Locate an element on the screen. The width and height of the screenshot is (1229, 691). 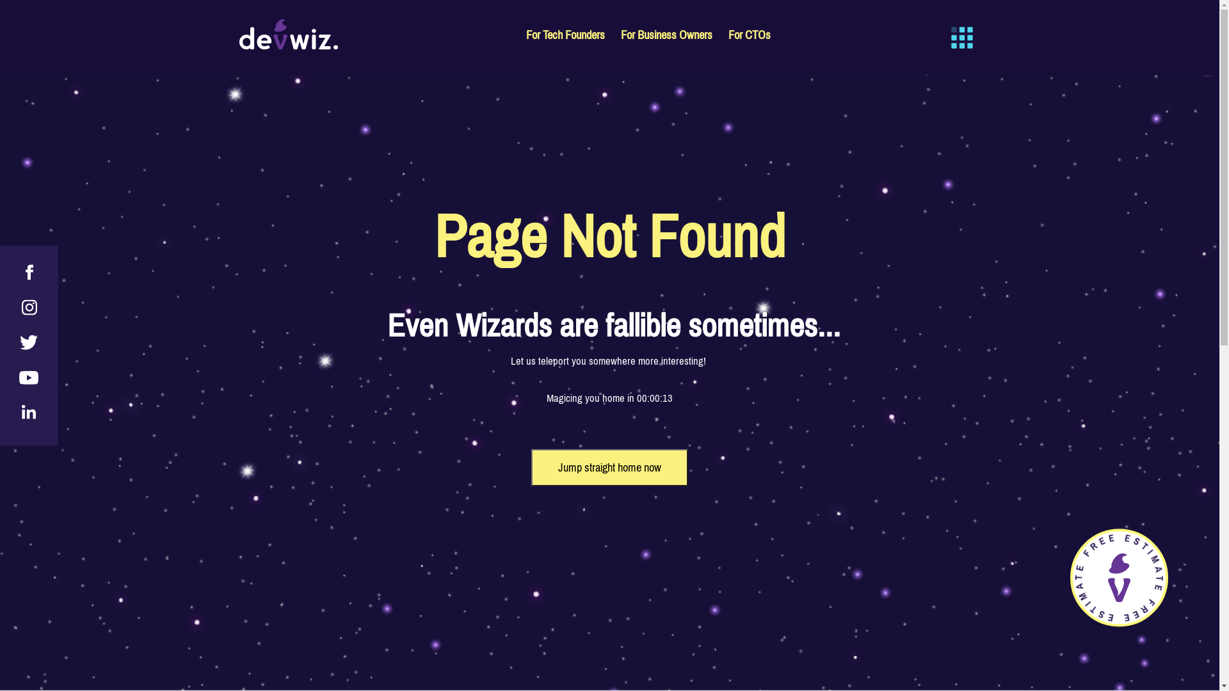
'For CTOs' is located at coordinates (750, 36).